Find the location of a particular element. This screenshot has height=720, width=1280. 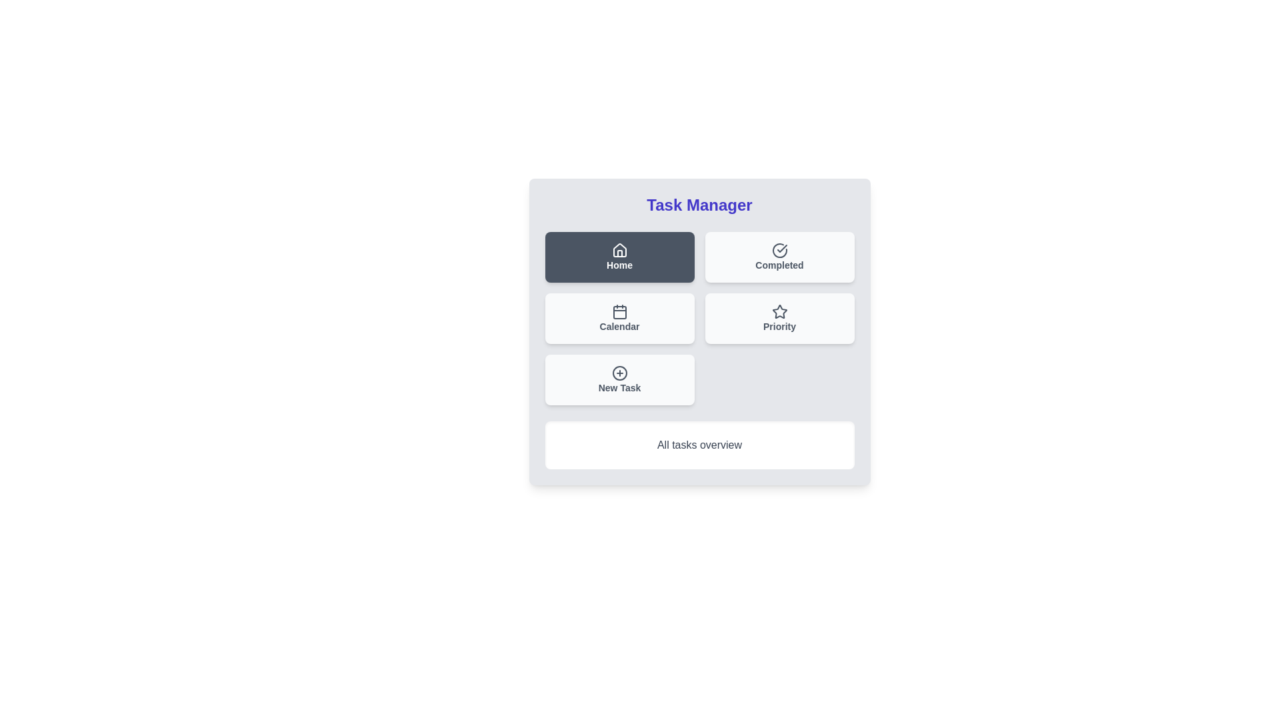

the 'Completed' button which contains a circular icon resembling a checkmark inside a circle, located near the top-right area of the menu grid is located at coordinates (779, 250).